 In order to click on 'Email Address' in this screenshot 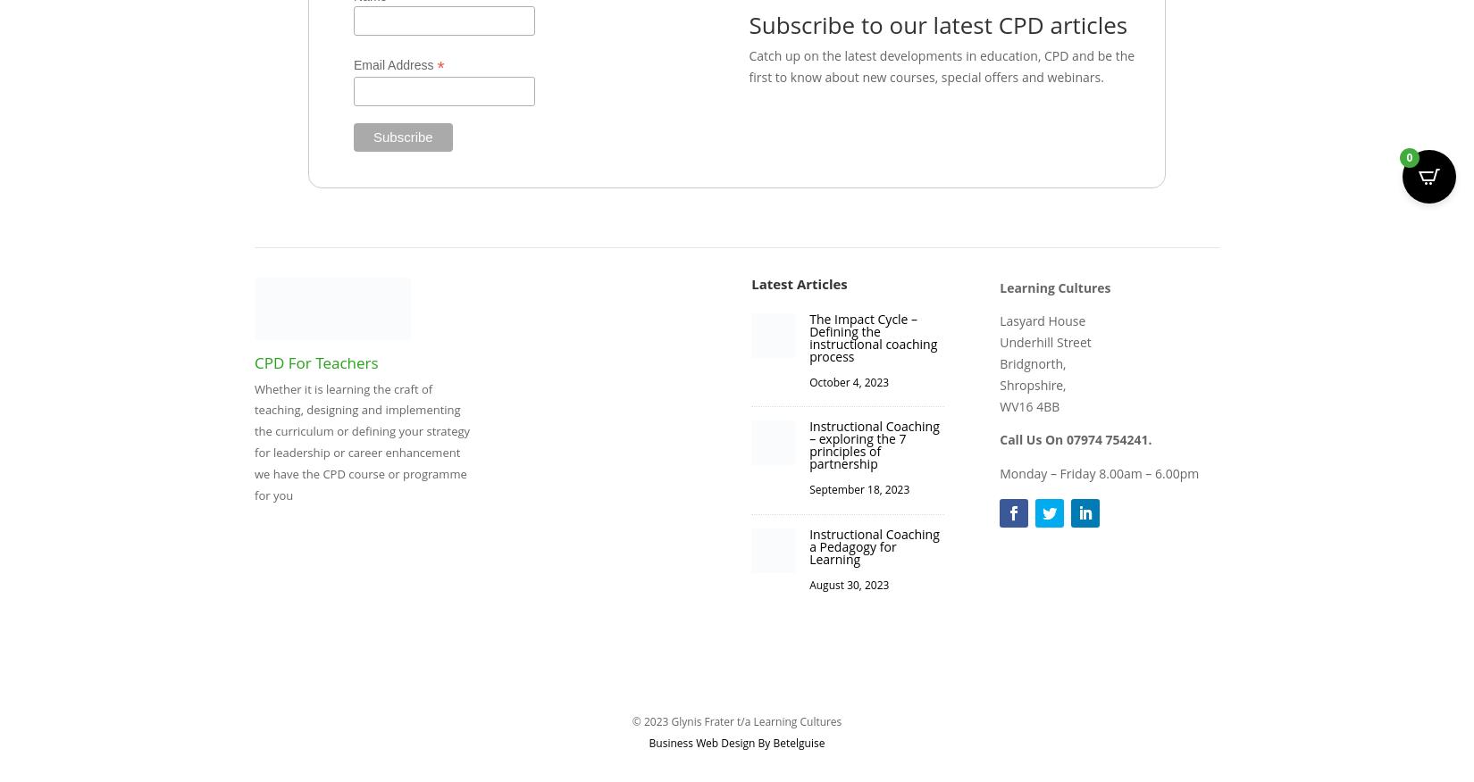, I will do `click(354, 64)`.